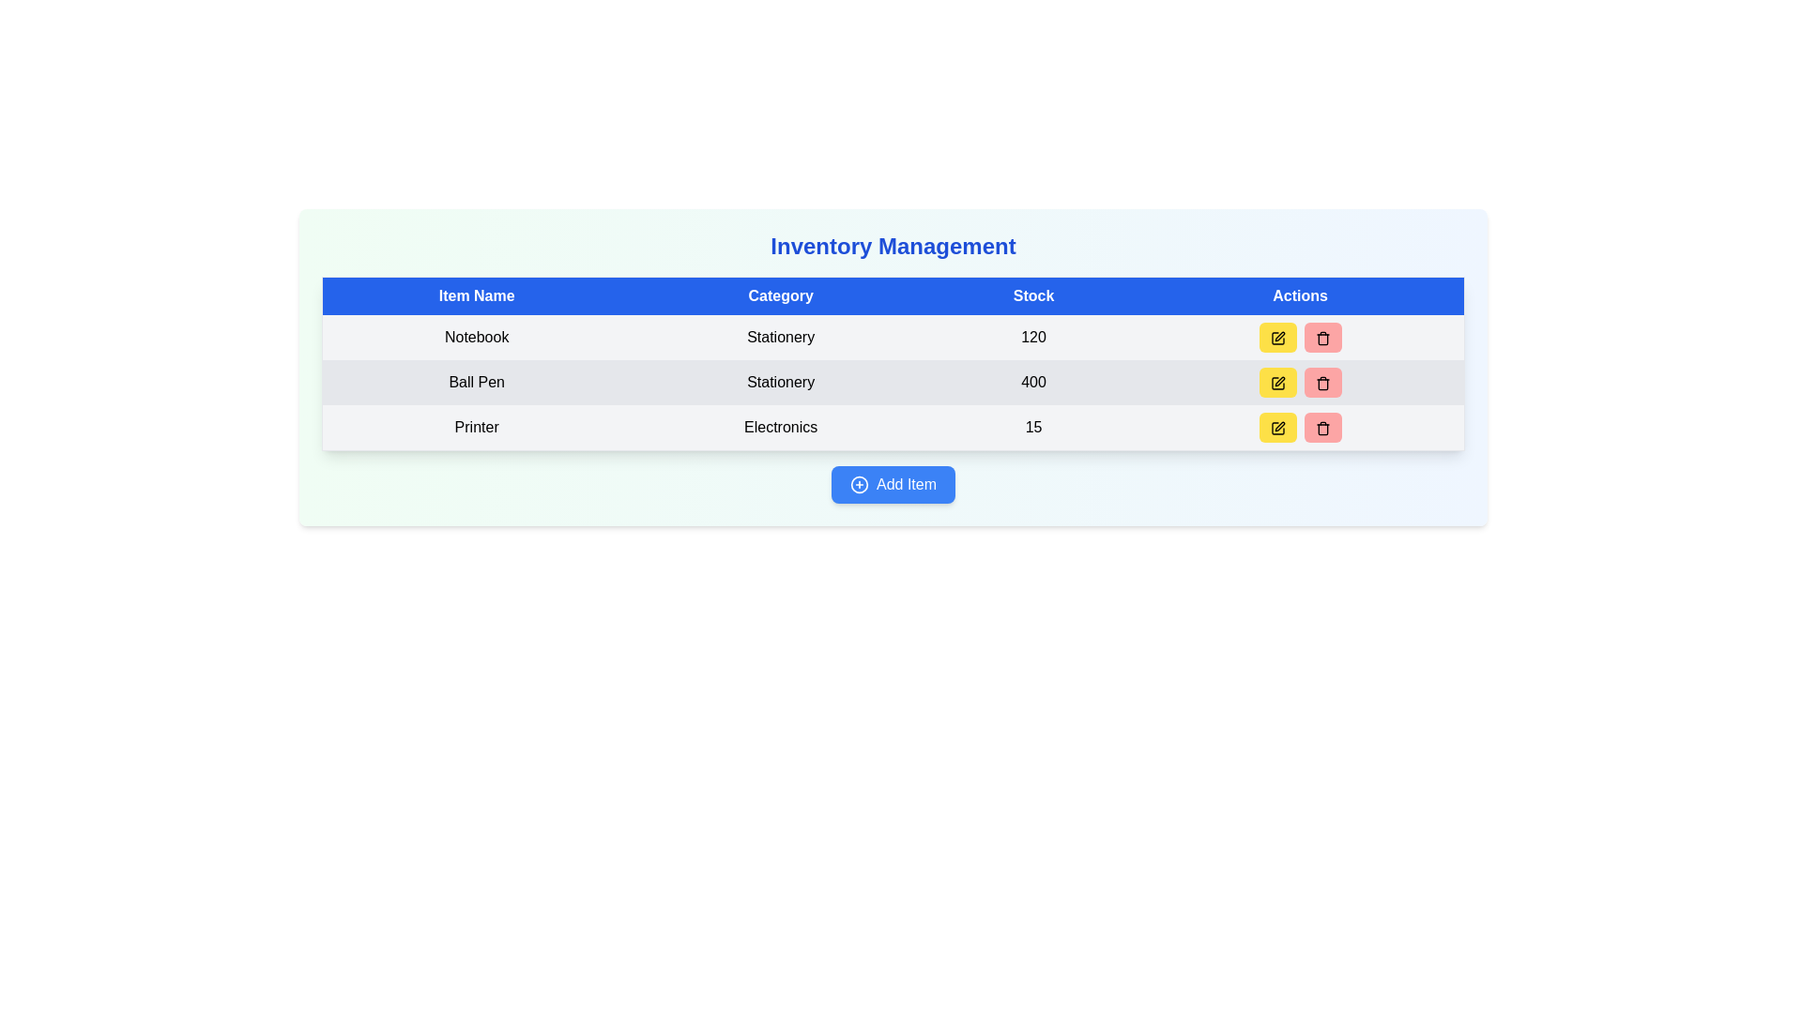 Image resolution: width=1802 pixels, height=1013 pixels. I want to click on the header label 'Category' which has white text on a dark blue background, located as the second column header in a table row, centrally aligned within its cell, so click(781, 295).